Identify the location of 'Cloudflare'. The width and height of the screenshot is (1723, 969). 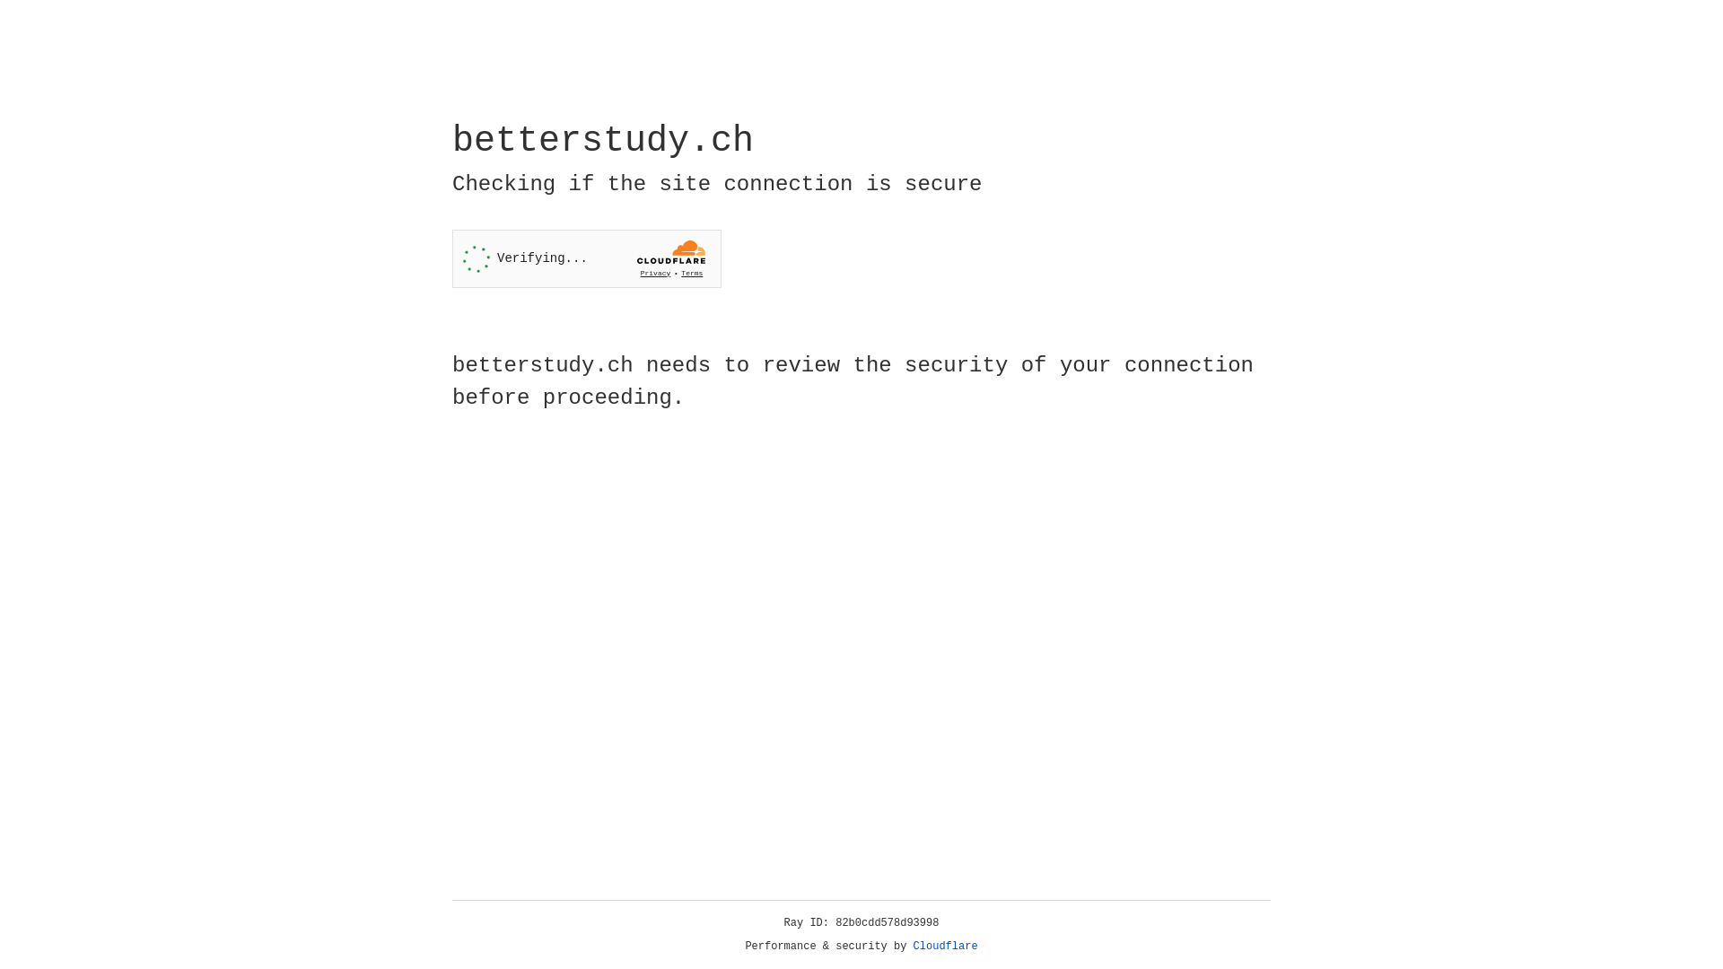
(945, 946).